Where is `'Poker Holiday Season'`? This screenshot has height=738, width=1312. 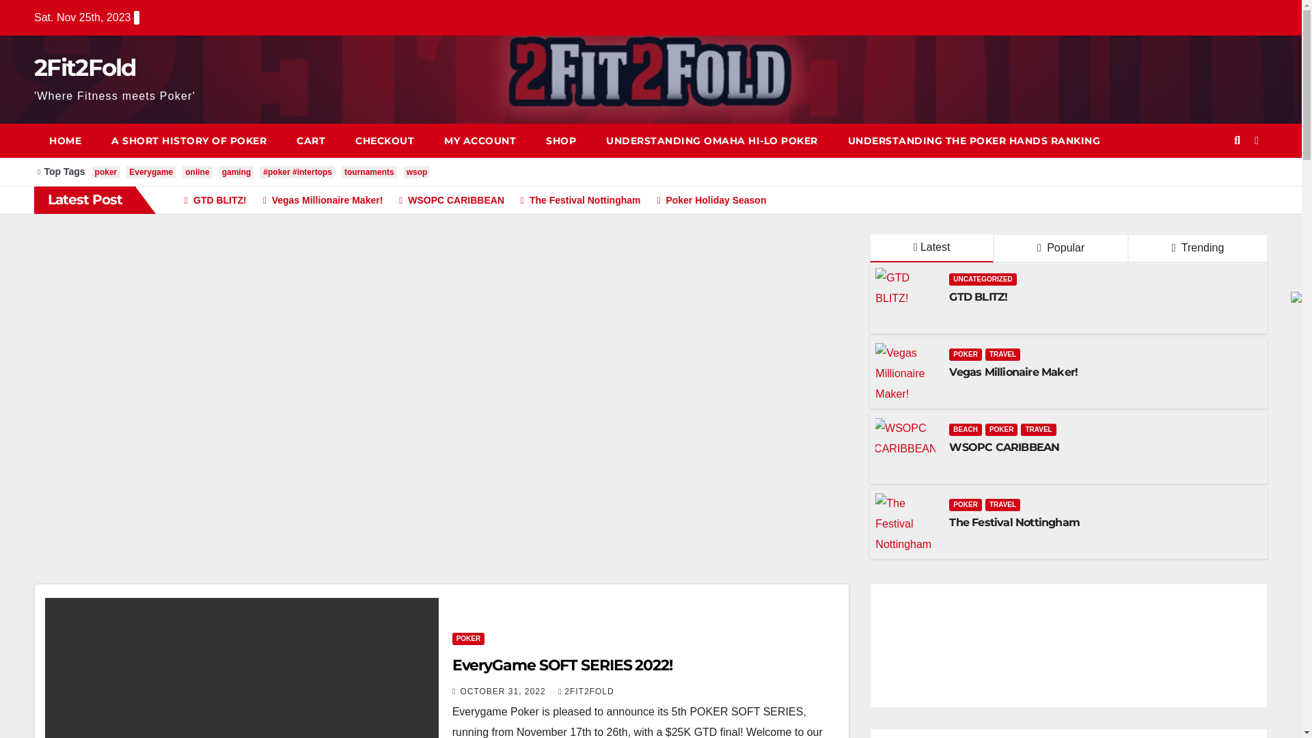 'Poker Holiday Season' is located at coordinates (705, 200).